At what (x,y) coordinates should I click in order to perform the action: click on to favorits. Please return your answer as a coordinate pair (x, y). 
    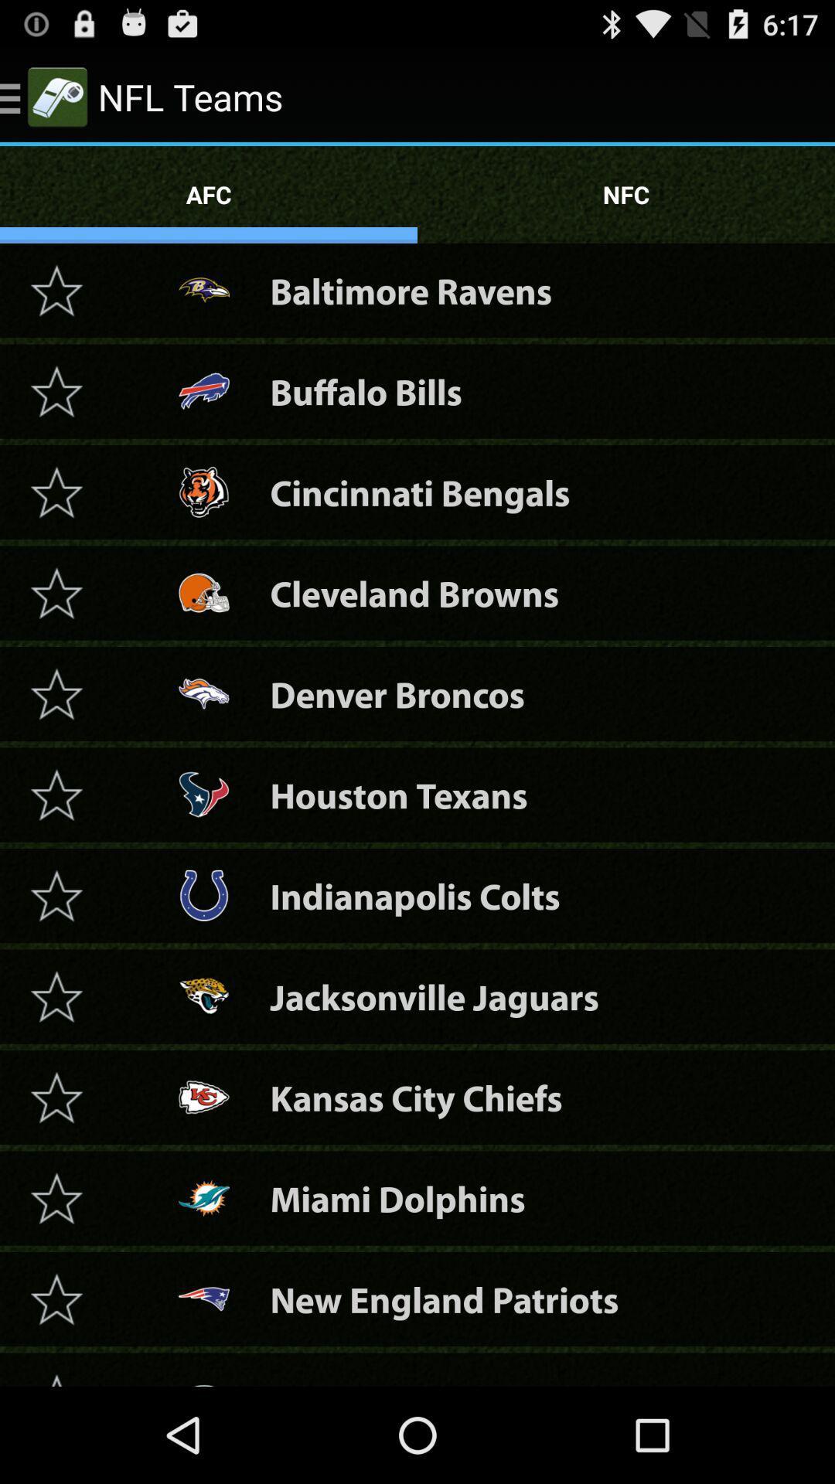
    Looking at the image, I should click on (56, 491).